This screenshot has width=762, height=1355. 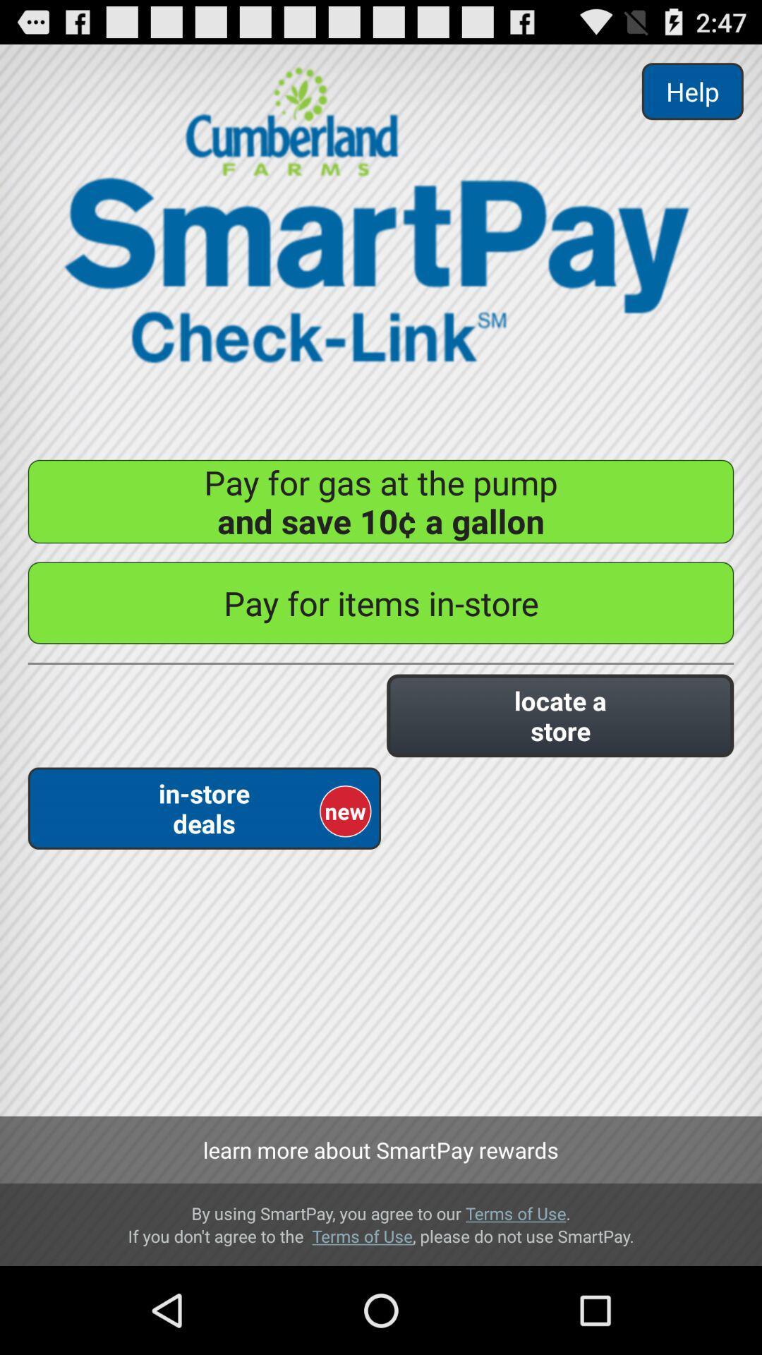 I want to click on button above the pay for gas item, so click(x=691, y=90).